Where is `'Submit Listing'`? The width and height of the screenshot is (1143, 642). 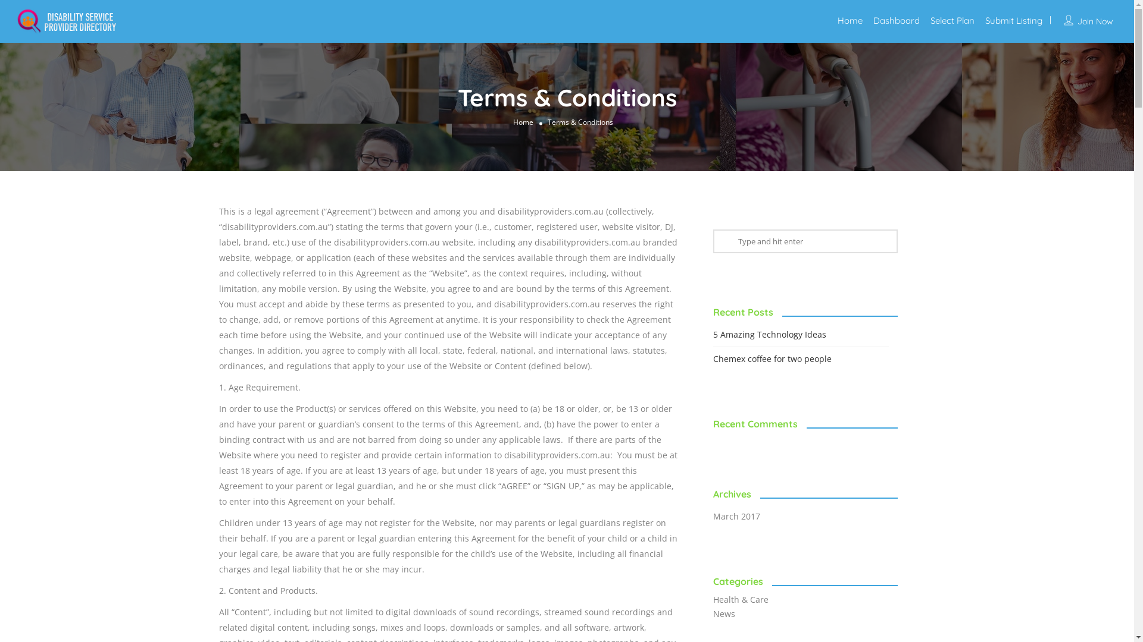
'Submit Listing' is located at coordinates (1013, 20).